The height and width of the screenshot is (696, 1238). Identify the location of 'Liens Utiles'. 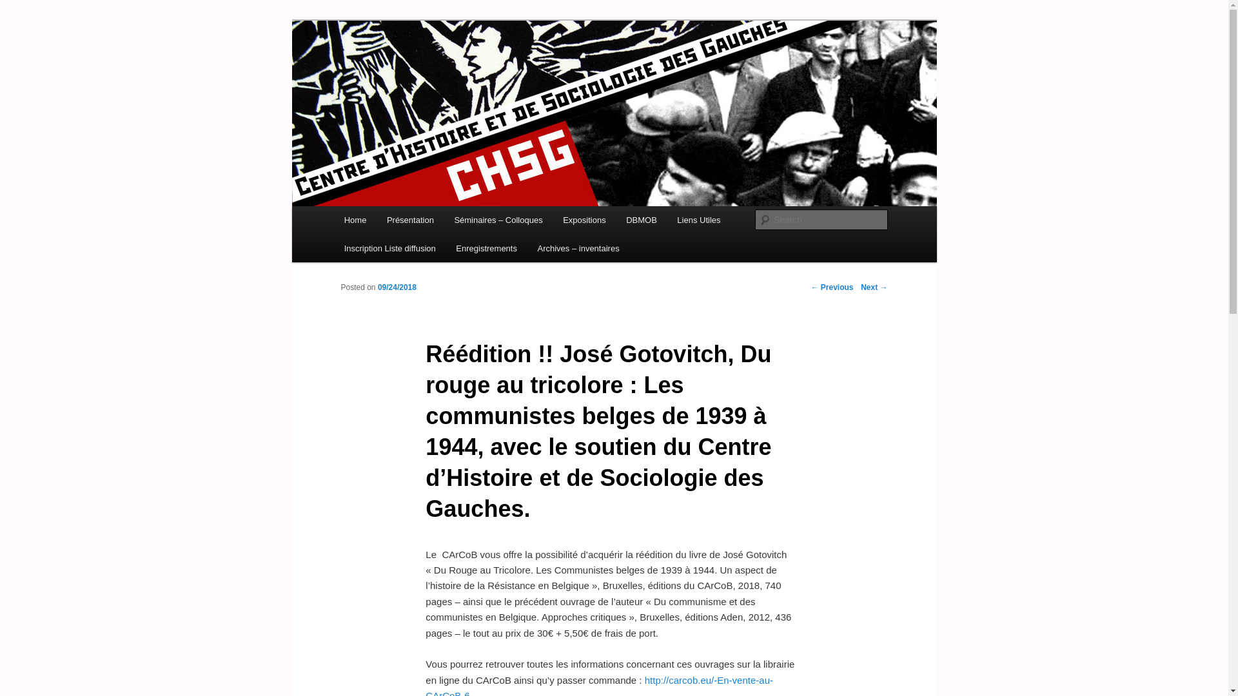
(698, 219).